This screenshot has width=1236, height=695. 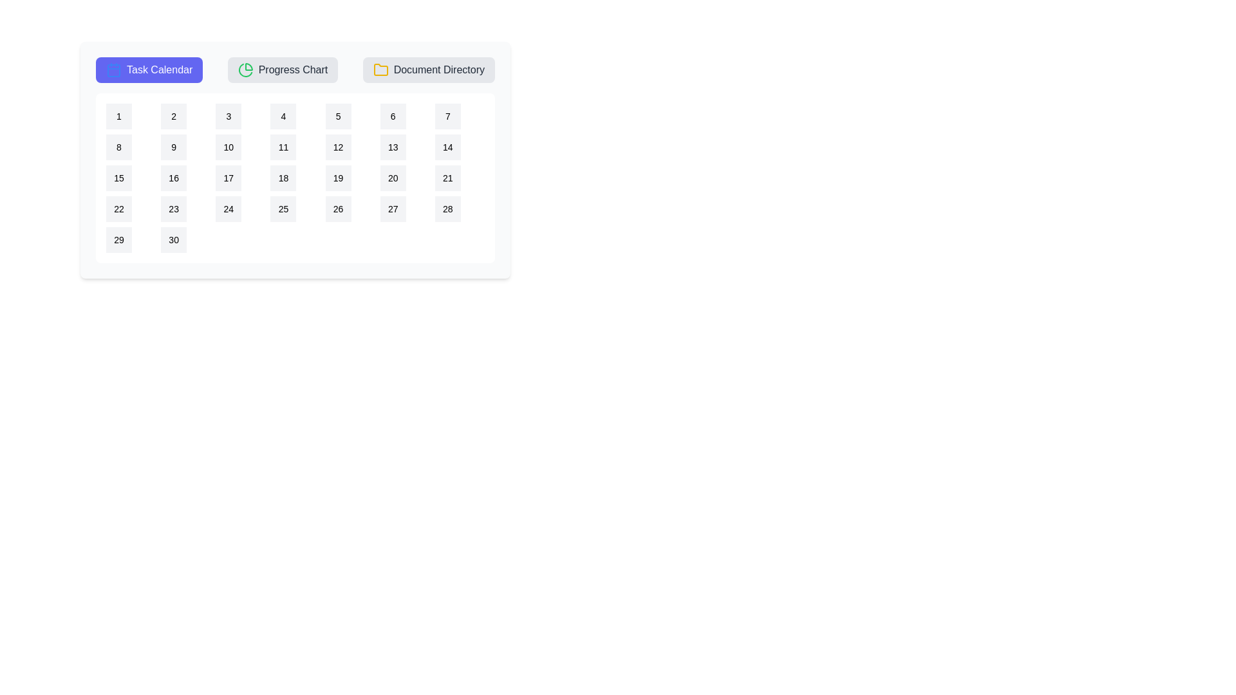 What do you see at coordinates (447, 208) in the screenshot?
I see `the calendar date 28` at bounding box center [447, 208].